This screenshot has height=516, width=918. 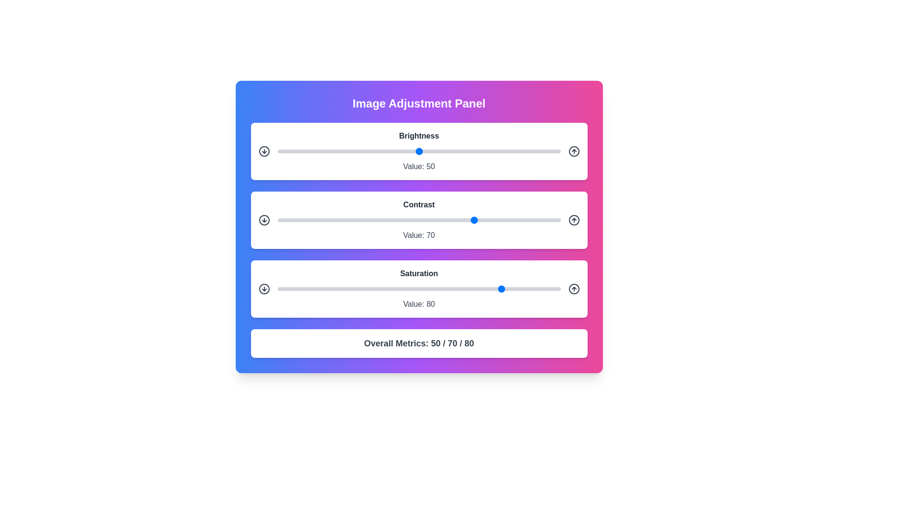 What do you see at coordinates (264, 289) in the screenshot?
I see `the SVG circle element that is part of the arrow-related icon in the 'Image Adjustment Panel', adjacent to the 'Saturation' label` at bounding box center [264, 289].